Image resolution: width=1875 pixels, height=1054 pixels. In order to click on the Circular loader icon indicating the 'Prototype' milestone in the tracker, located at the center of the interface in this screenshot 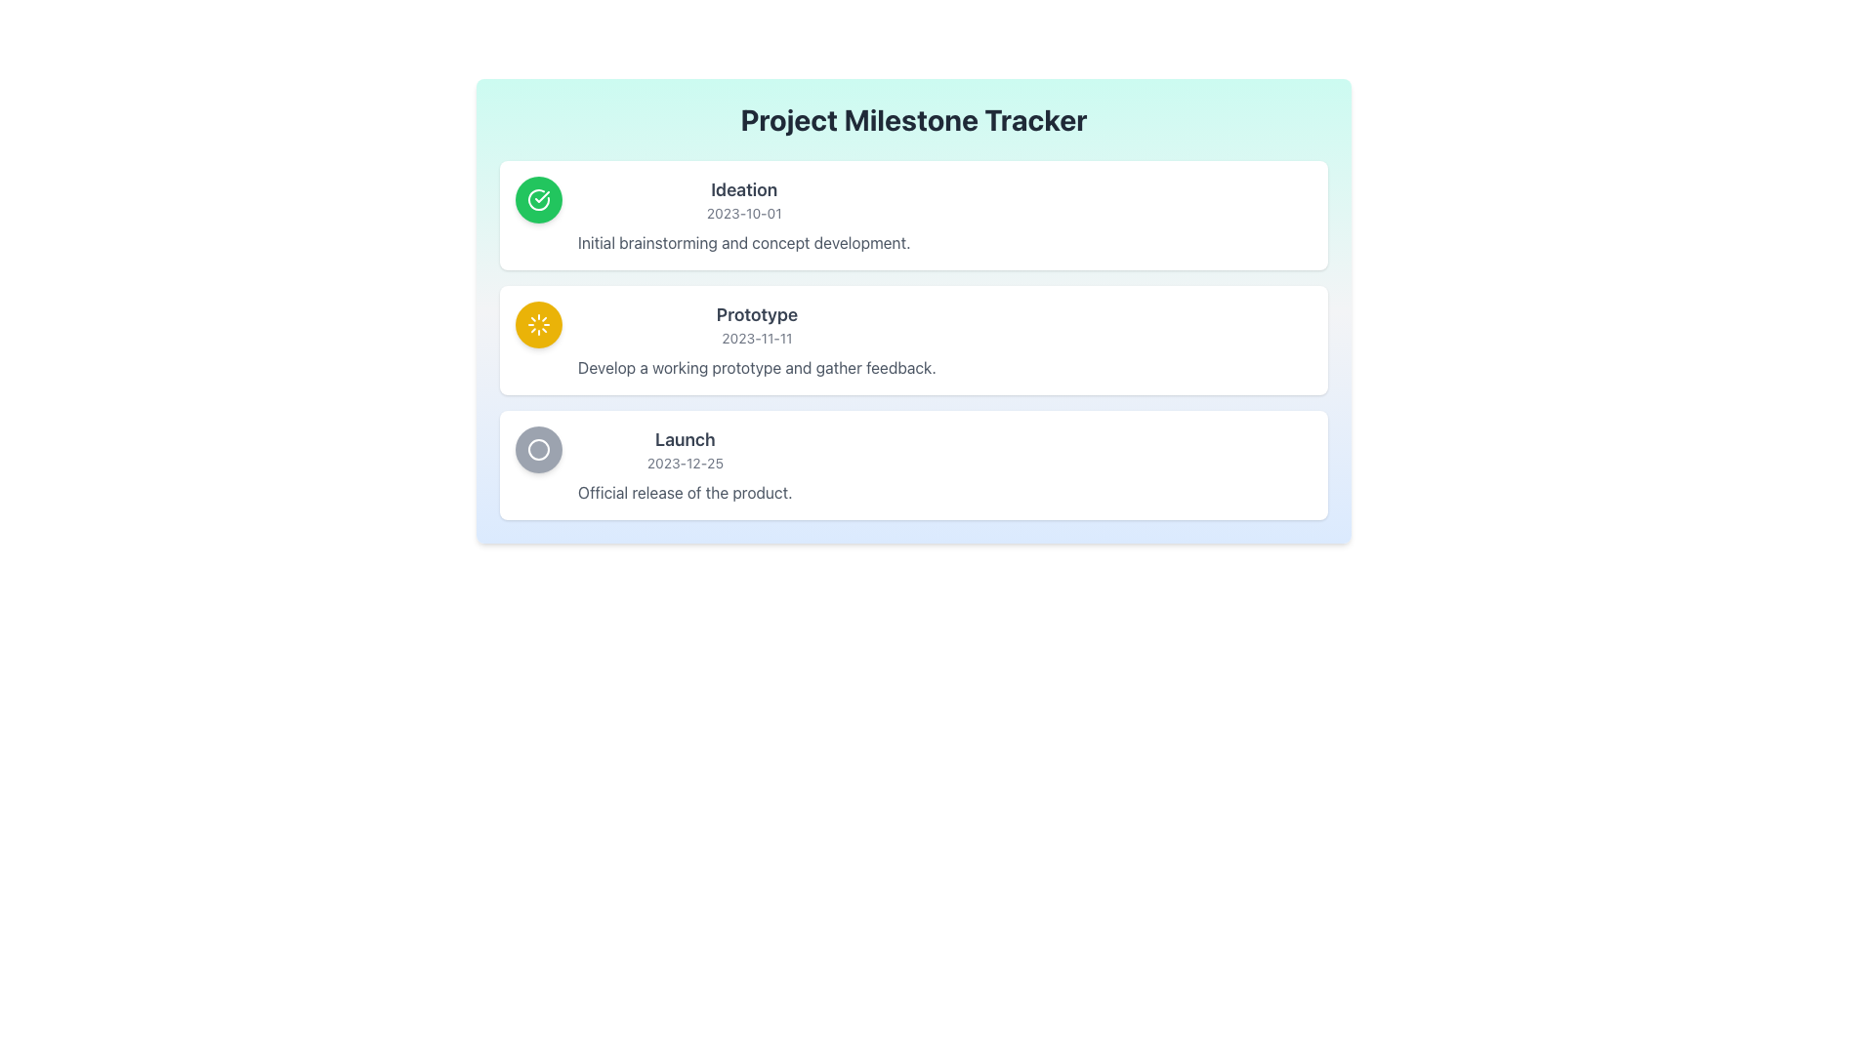, I will do `click(539, 323)`.